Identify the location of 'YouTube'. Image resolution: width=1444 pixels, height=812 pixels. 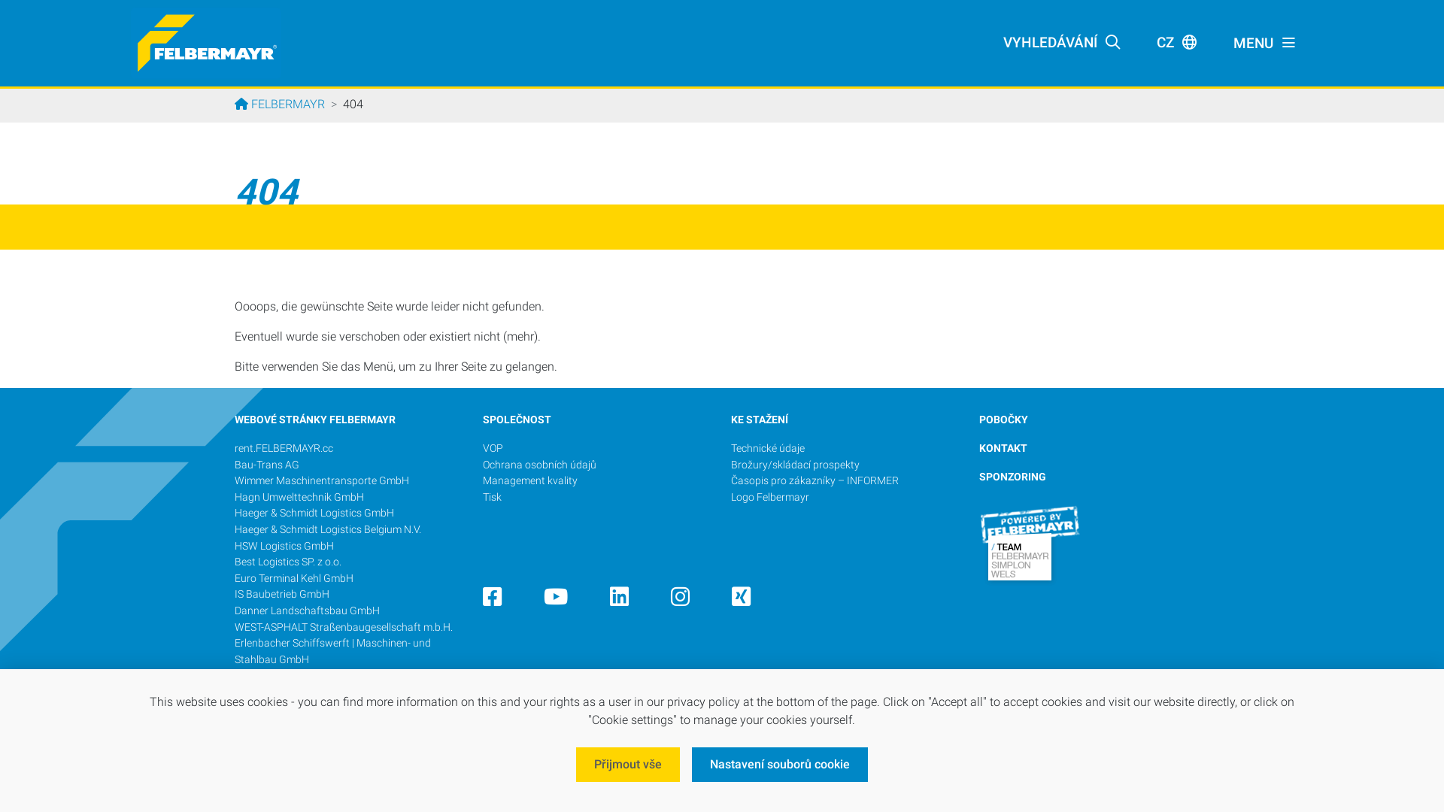
(555, 600).